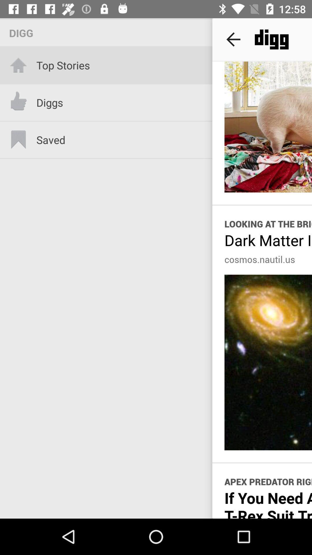  I want to click on item below apex predator right, so click(268, 503).